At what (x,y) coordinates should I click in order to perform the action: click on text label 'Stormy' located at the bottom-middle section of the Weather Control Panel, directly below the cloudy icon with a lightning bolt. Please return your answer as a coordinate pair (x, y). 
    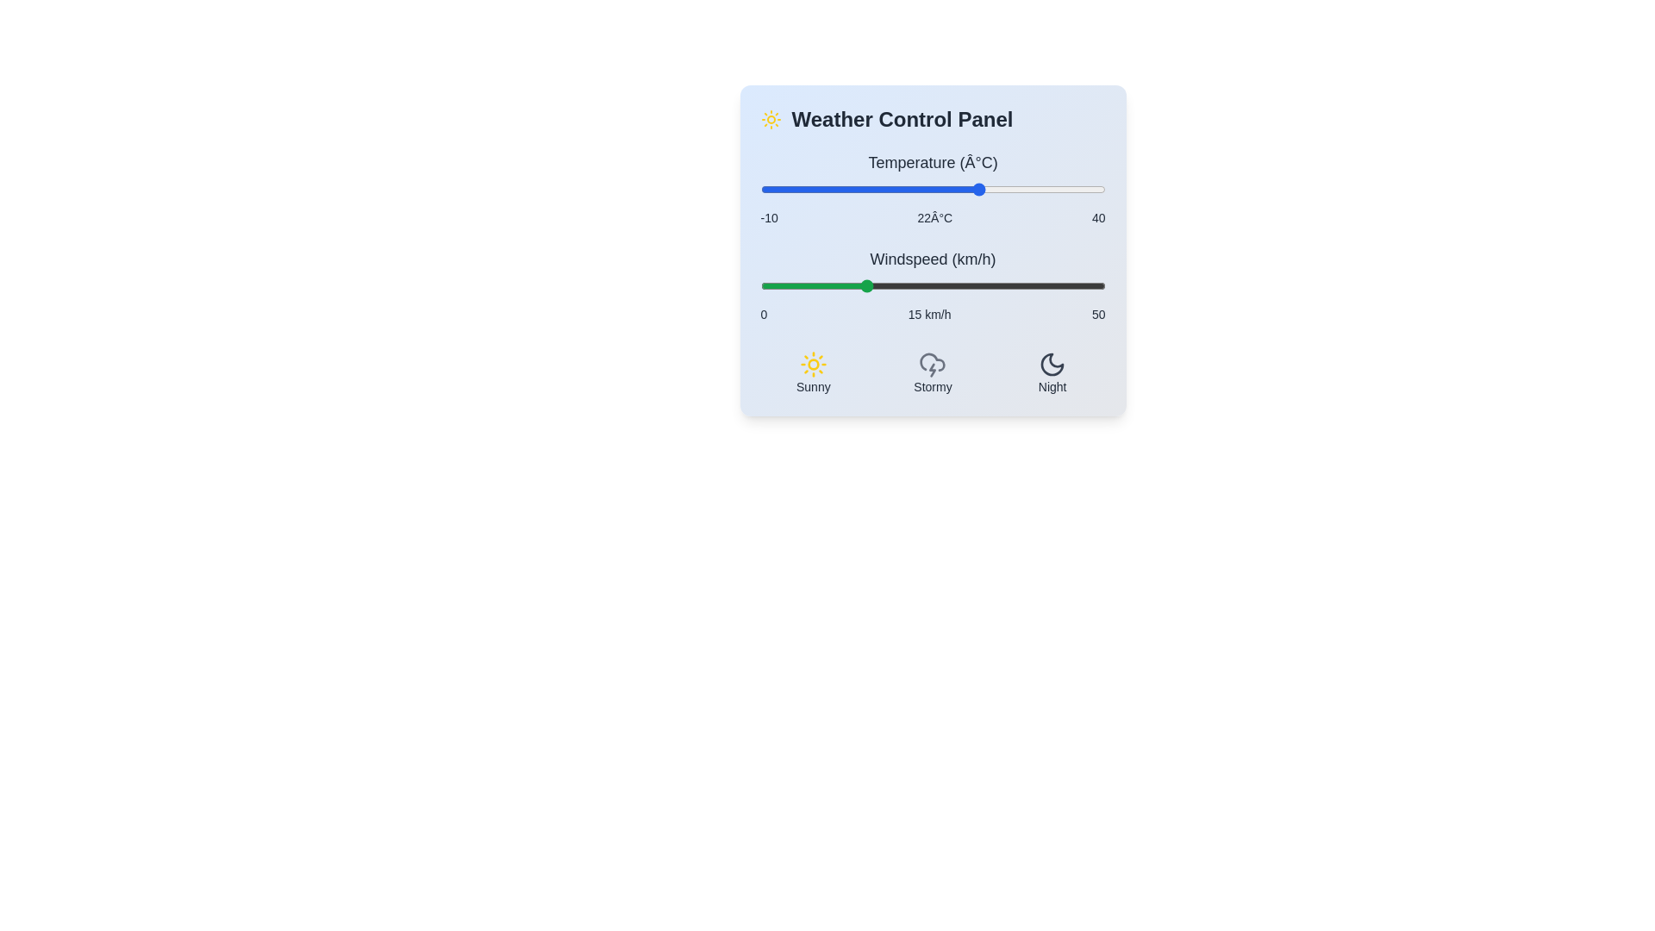
    Looking at the image, I should click on (932, 385).